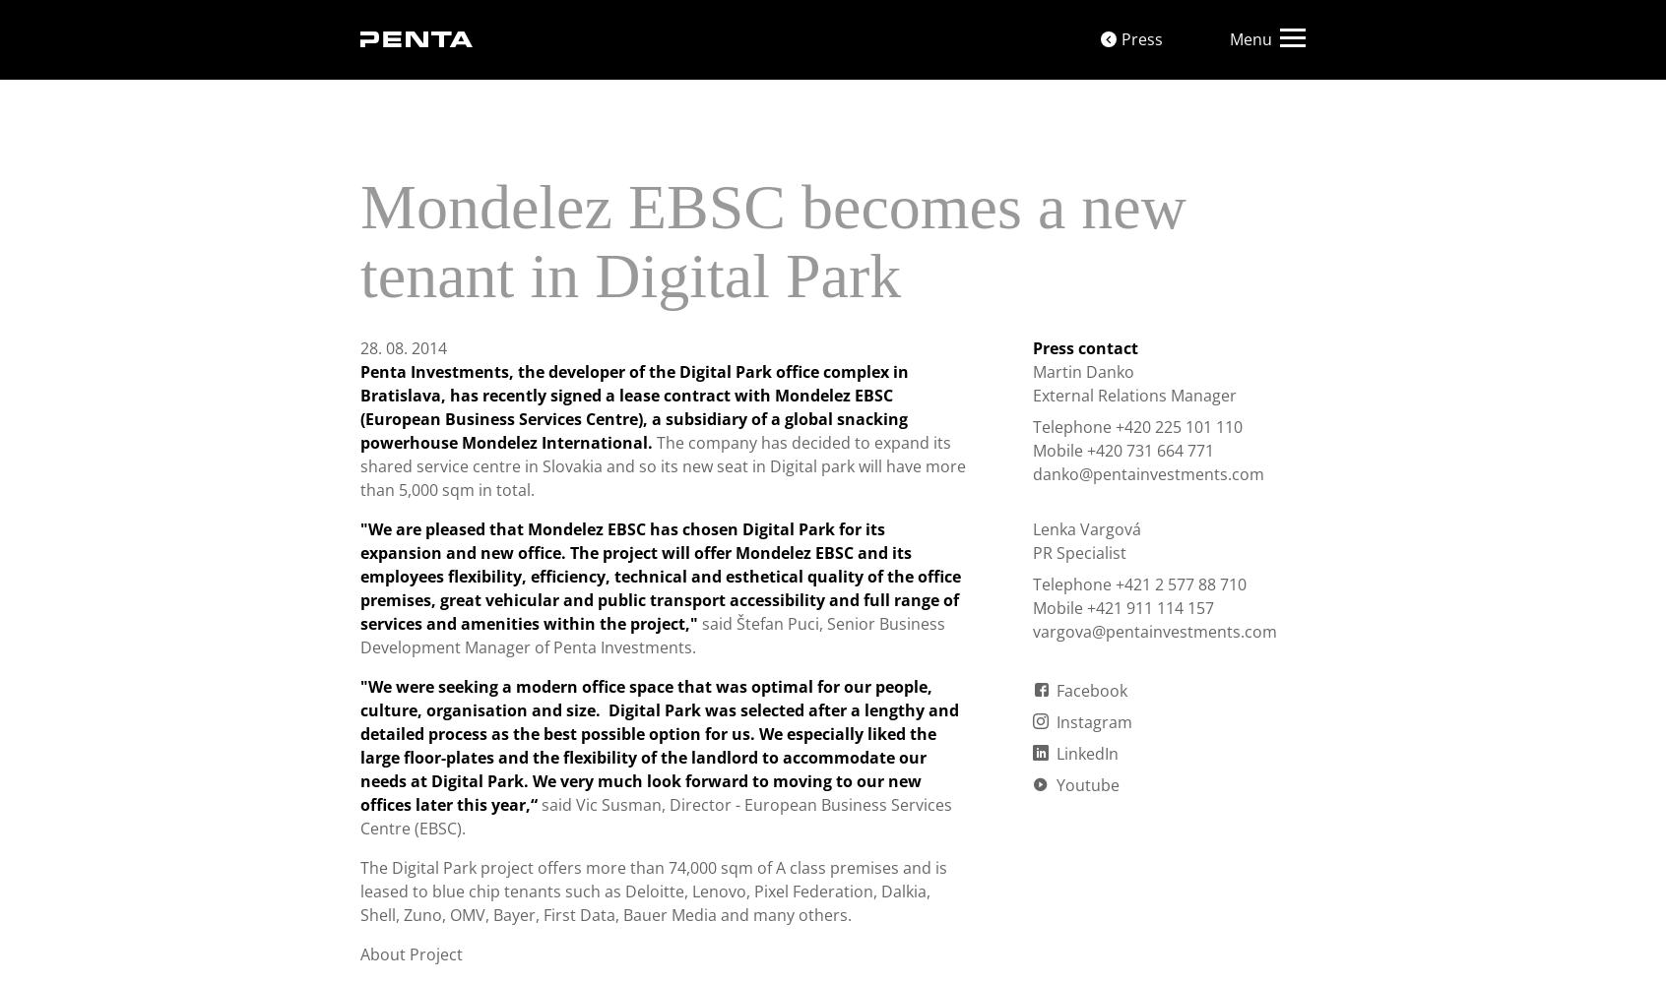 Image resolution: width=1666 pixels, height=984 pixels. What do you see at coordinates (839, 26) in the screenshot?
I see `'Penta Foundation'` at bounding box center [839, 26].